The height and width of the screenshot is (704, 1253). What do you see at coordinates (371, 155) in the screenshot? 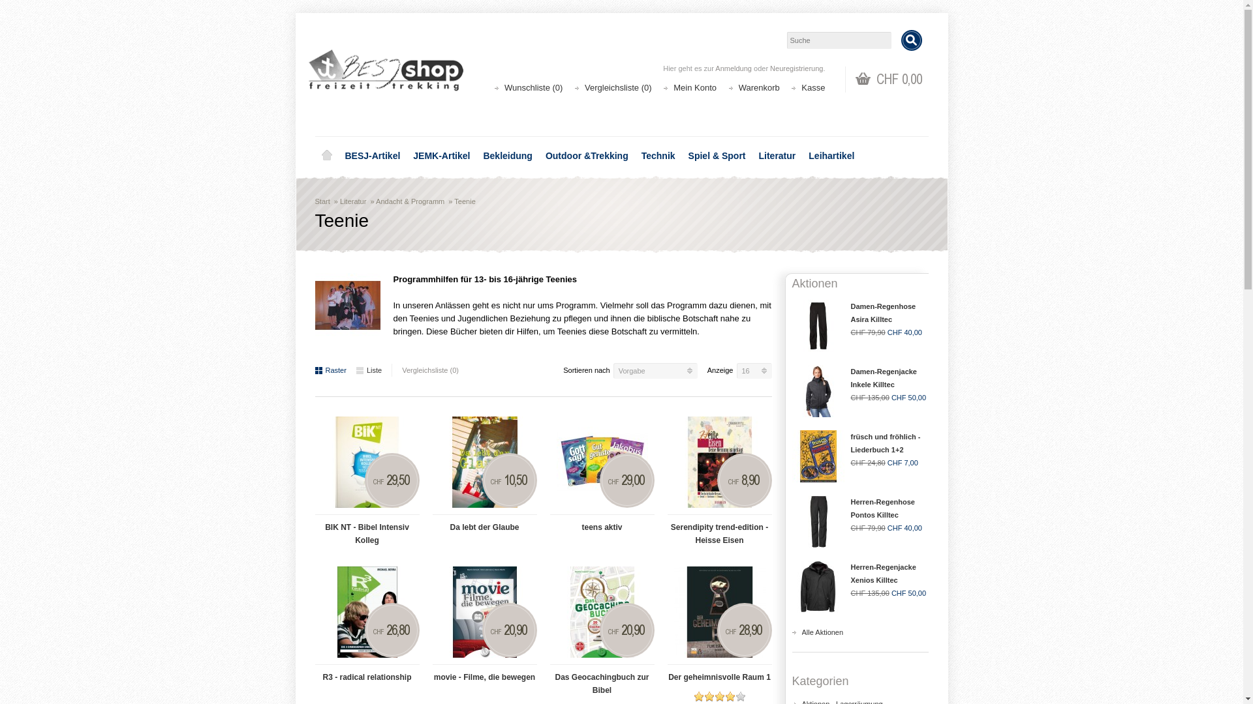
I see `'BESJ-Artikel'` at bounding box center [371, 155].